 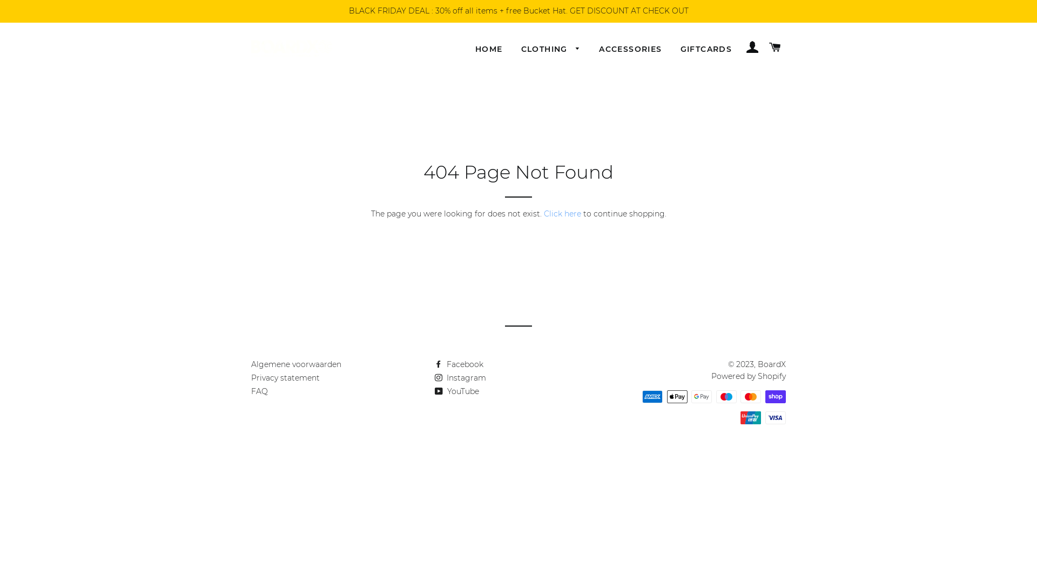 What do you see at coordinates (748, 376) in the screenshot?
I see `'Powered by Shopify'` at bounding box center [748, 376].